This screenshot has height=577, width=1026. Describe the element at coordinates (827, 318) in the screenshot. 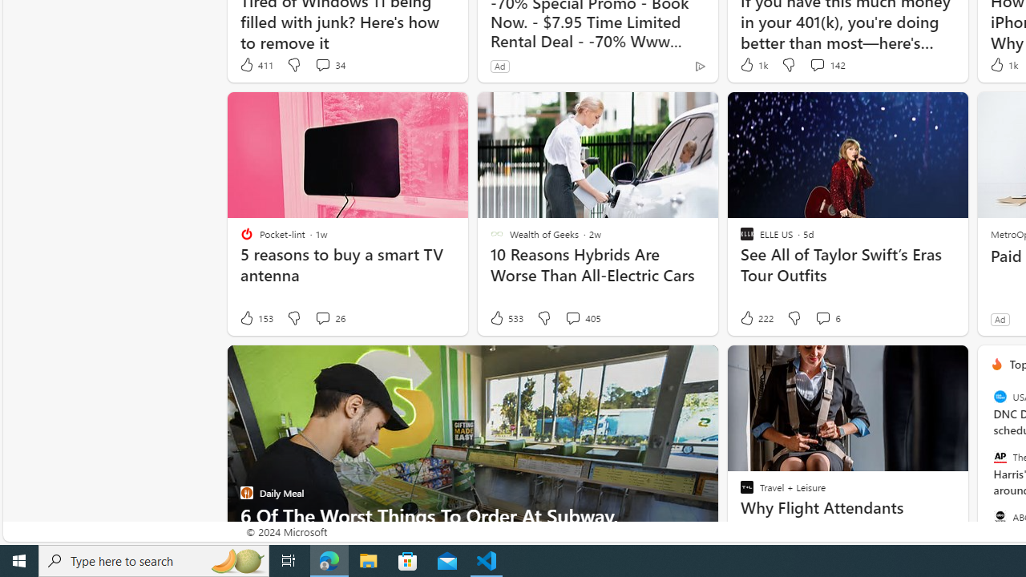

I see `'View comments 6 Comment'` at that location.